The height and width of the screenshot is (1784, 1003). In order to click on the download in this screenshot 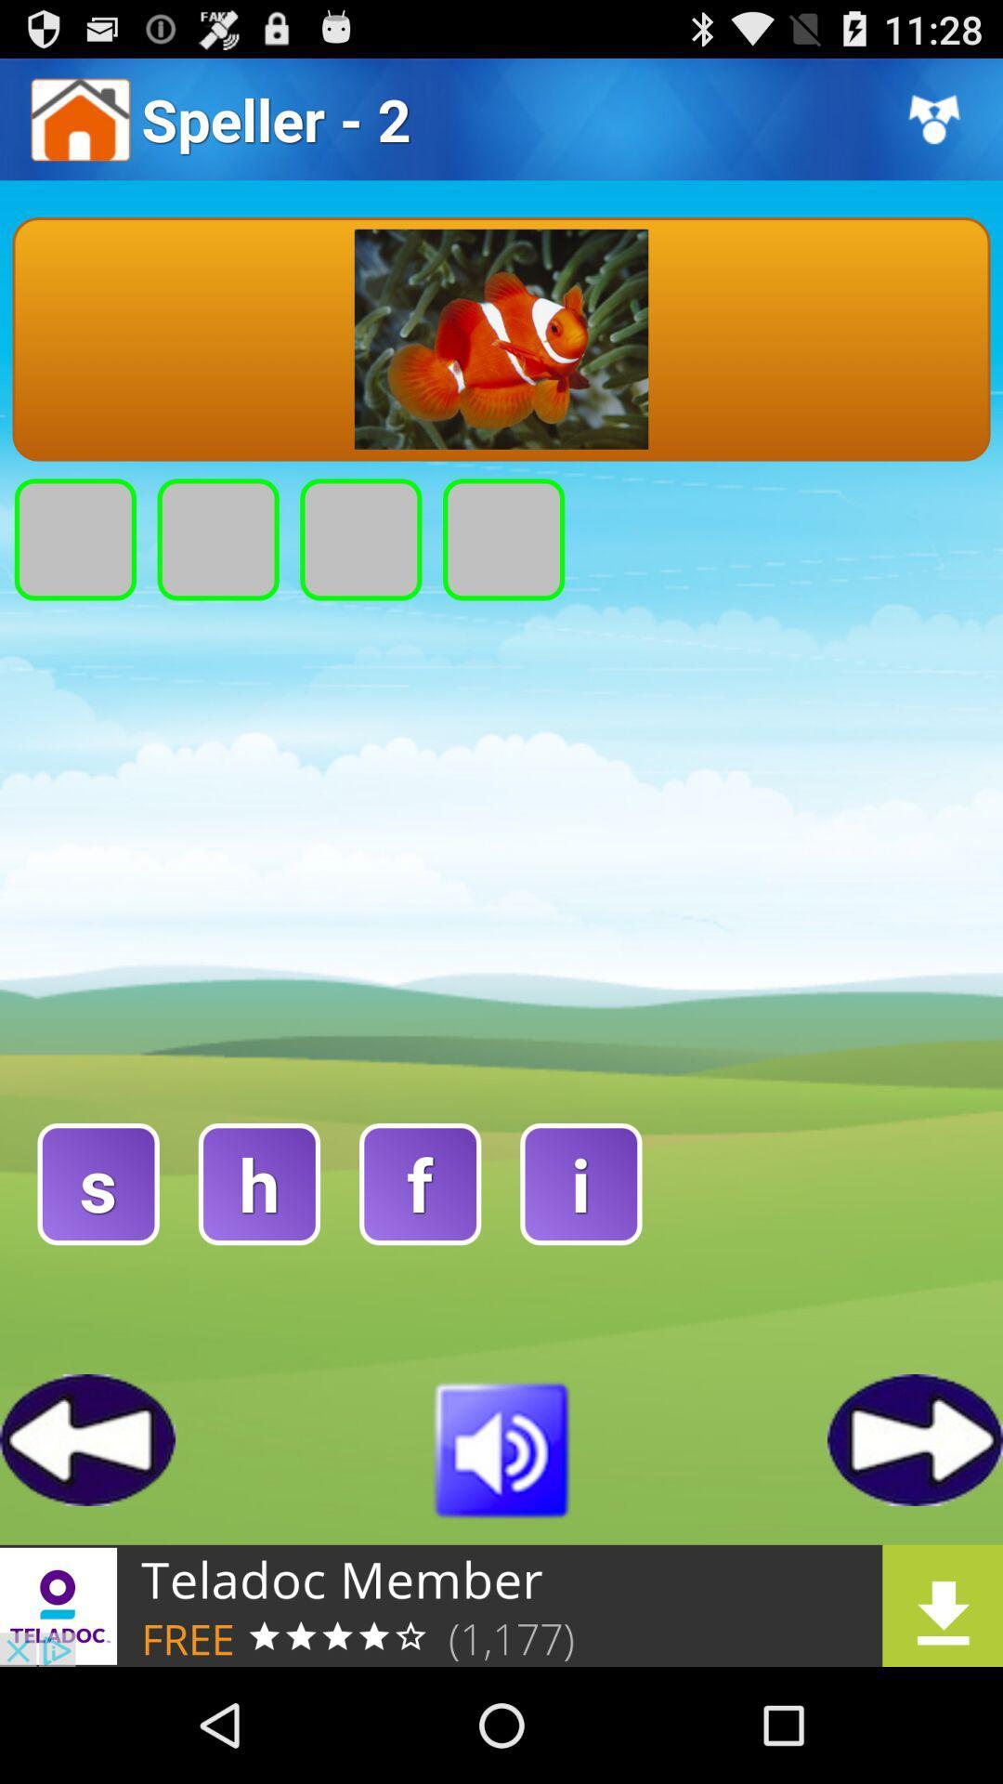, I will do `click(501, 1605)`.